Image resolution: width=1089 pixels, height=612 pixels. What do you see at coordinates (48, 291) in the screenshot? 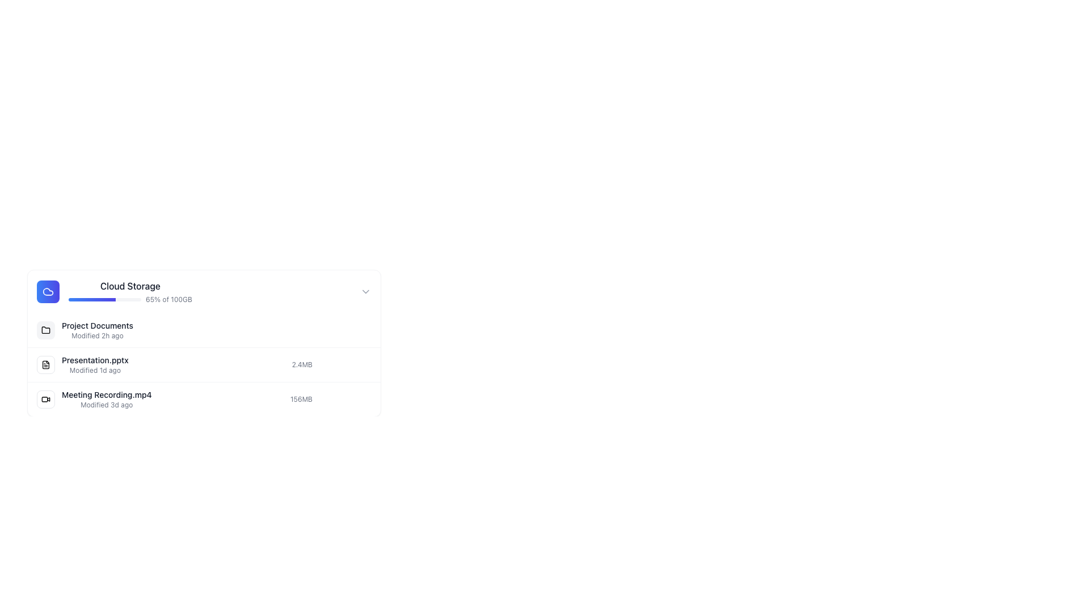
I see `the square icon with a gradient blue to indigo background and a white cloud symbol, located at the leftmost position in a horizontal group within a card layout` at bounding box center [48, 291].